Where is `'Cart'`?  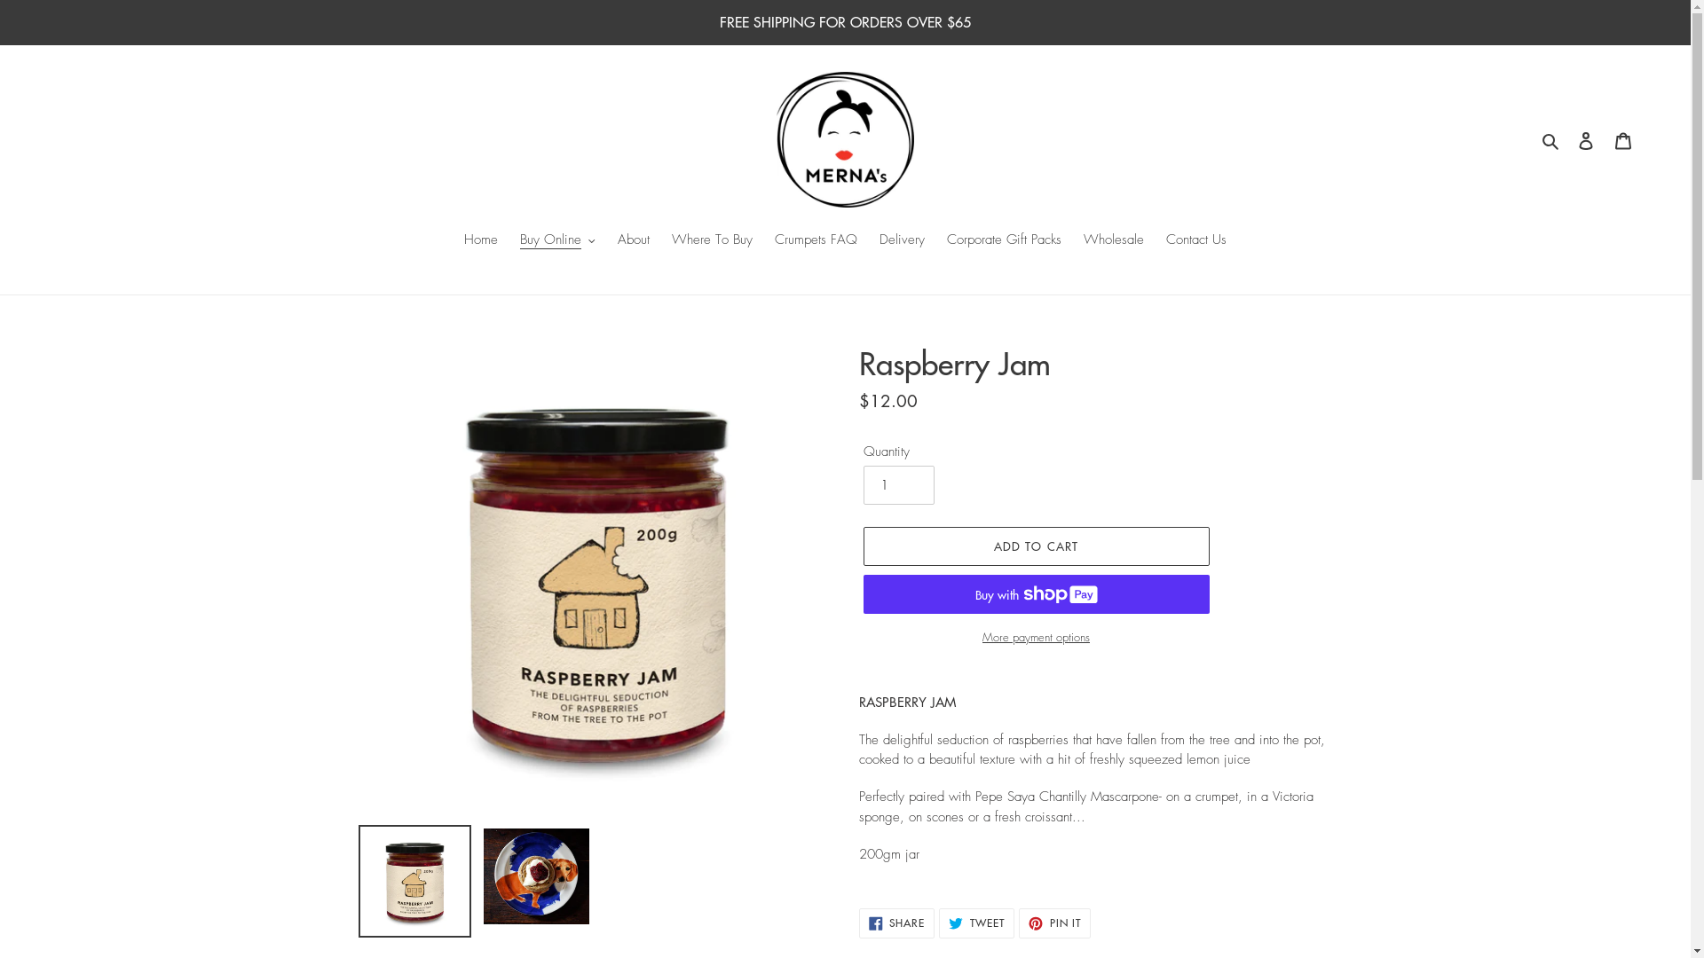
'Cart' is located at coordinates (1622, 138).